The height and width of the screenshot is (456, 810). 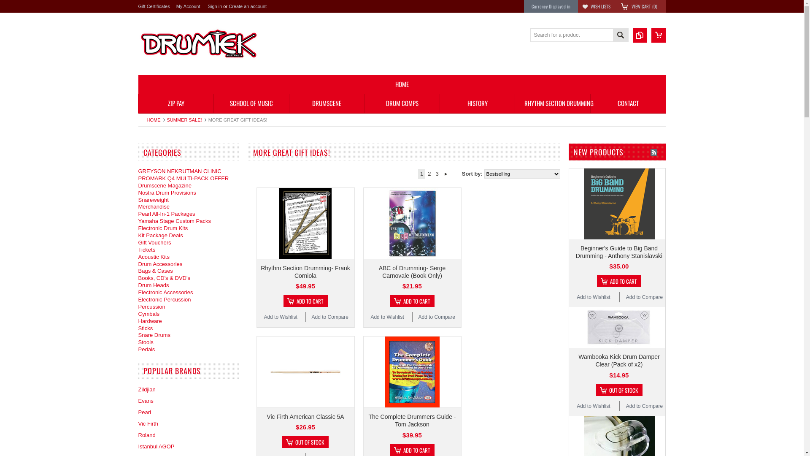 I want to click on 'Snare Drums', so click(x=154, y=334).